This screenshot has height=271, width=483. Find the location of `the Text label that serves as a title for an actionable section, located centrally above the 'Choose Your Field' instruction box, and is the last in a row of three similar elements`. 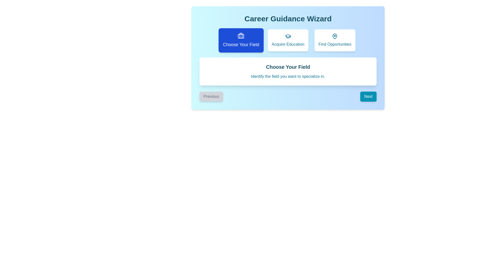

the Text label that serves as a title for an actionable section, located centrally above the 'Choose Your Field' instruction box, and is the last in a row of three similar elements is located at coordinates (335, 44).